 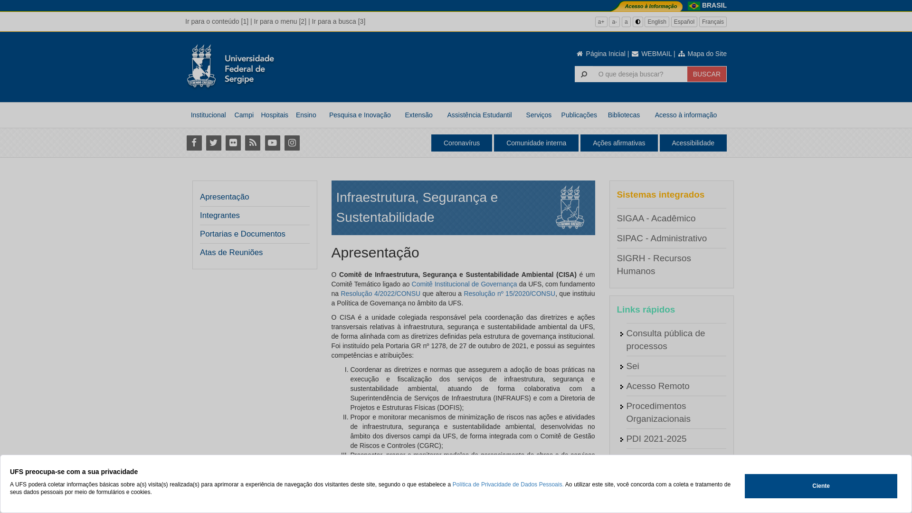 What do you see at coordinates (280, 21) in the screenshot?
I see `'Ir para o menu [2]'` at bounding box center [280, 21].